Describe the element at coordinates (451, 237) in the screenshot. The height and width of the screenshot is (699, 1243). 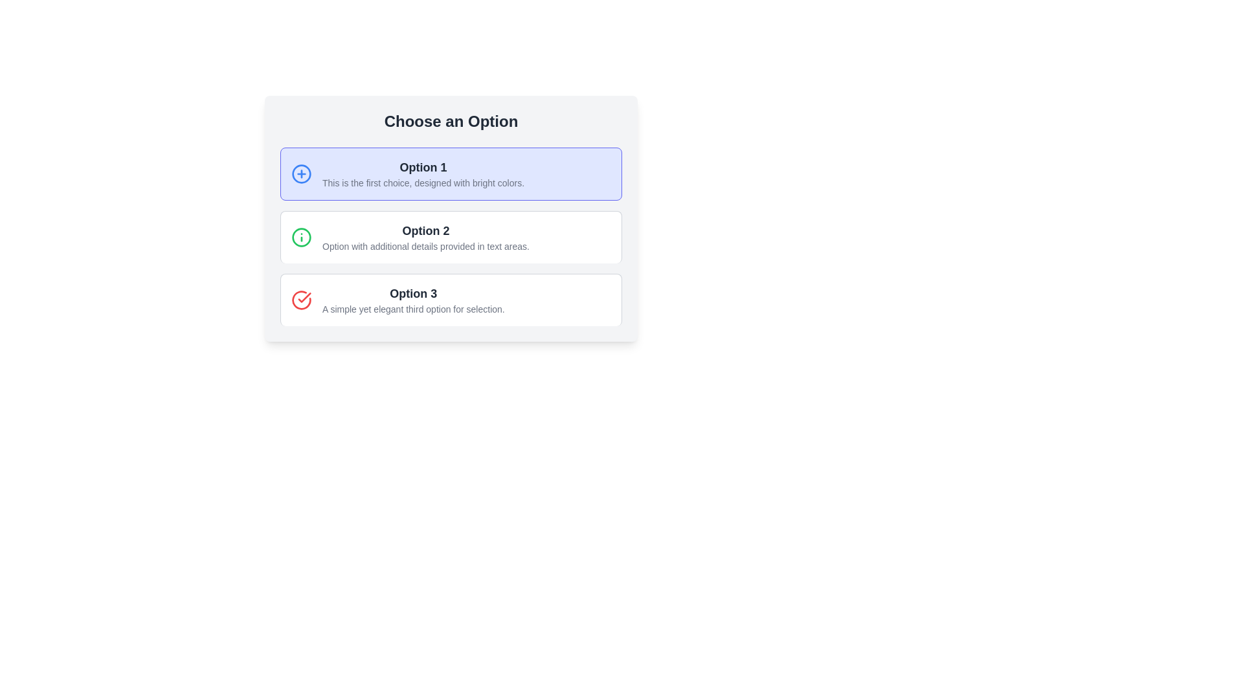
I see `the selectable option titled 'Option 2' located between 'Option 1' and 'Option 3' under the heading 'Choose an Option'` at that location.